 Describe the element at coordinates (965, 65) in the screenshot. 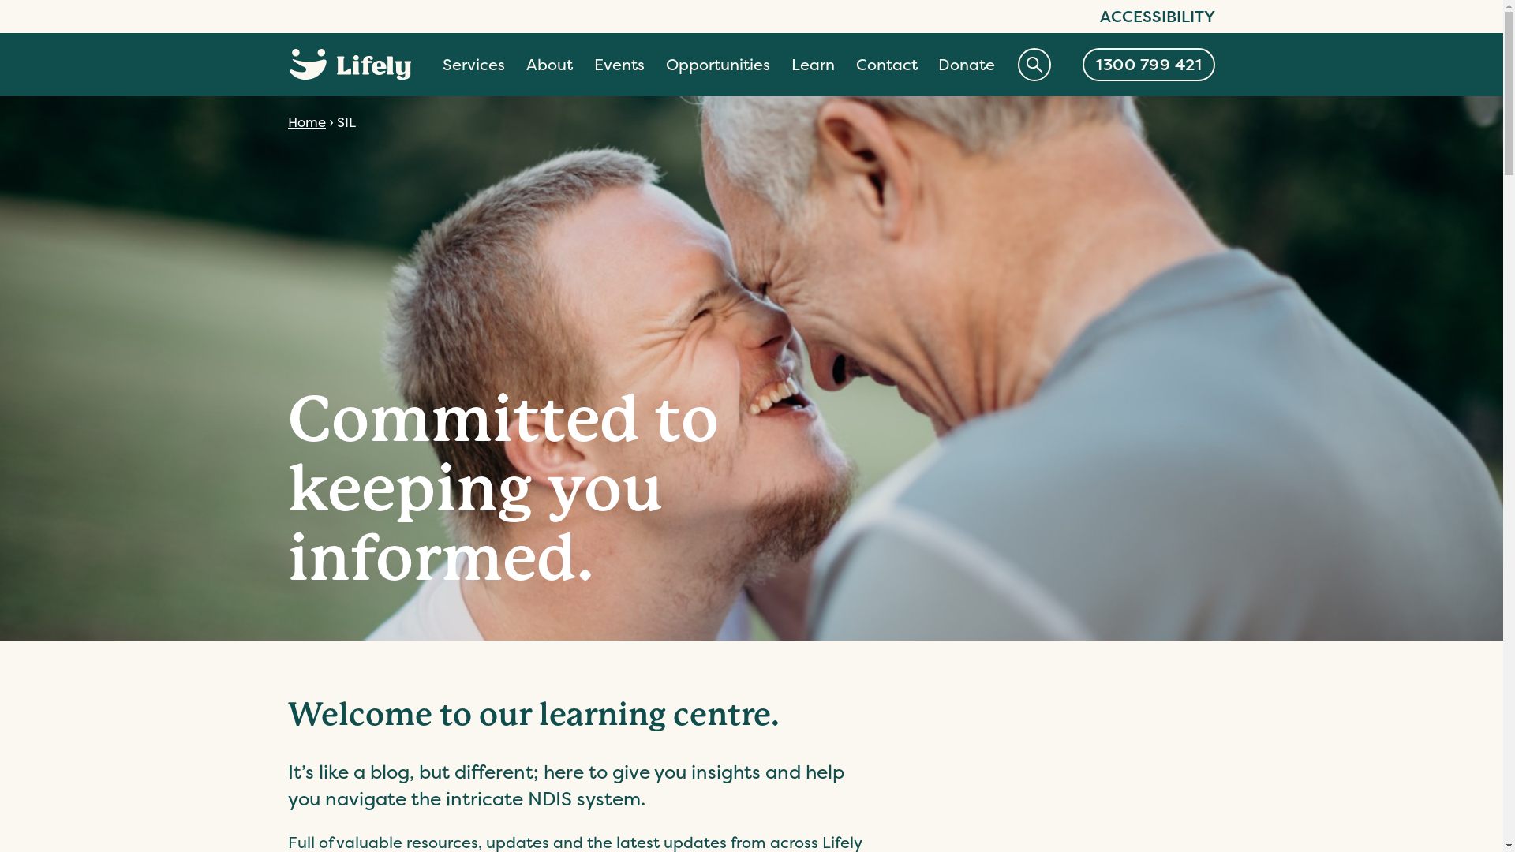

I see `'Donate'` at that location.